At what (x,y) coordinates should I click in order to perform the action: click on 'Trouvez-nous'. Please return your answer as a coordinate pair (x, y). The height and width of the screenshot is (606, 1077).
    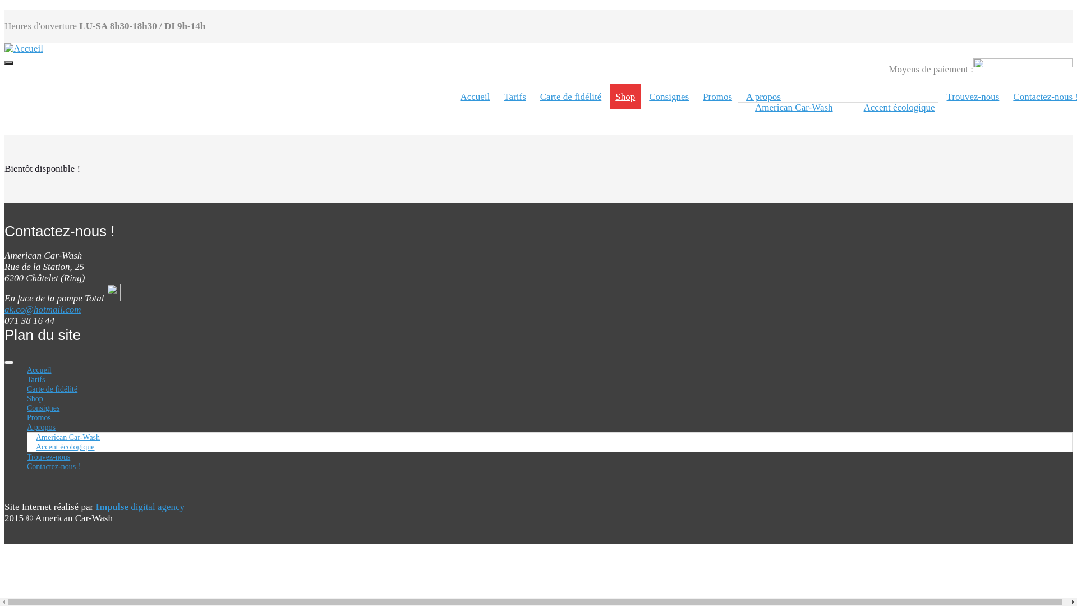
    Looking at the image, I should click on (48, 457).